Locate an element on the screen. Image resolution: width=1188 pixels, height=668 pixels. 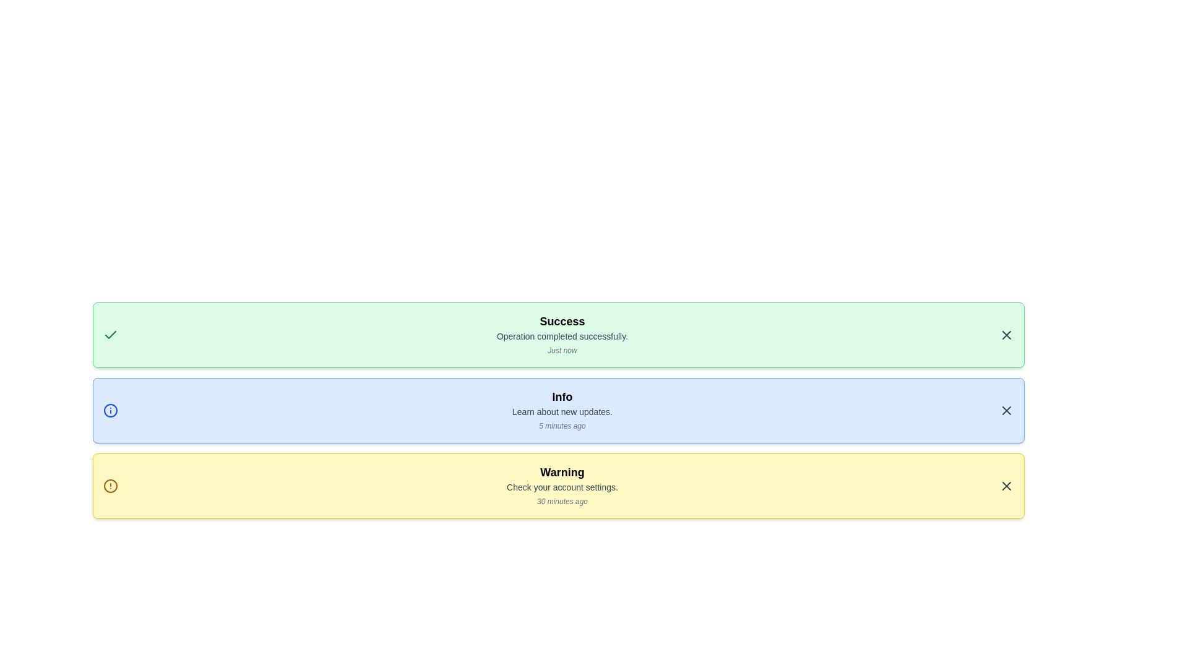
close button of the notification with title Info is located at coordinates (1007, 410).